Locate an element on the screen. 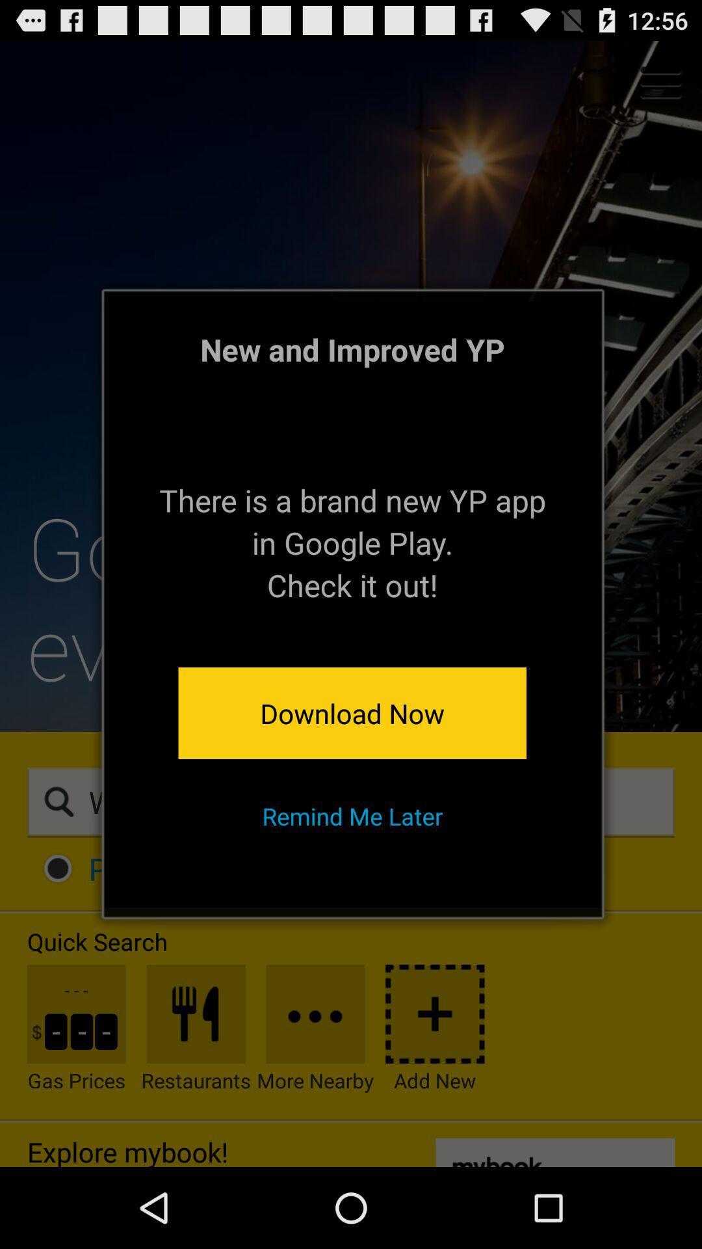 The image size is (702, 1249). item below the download now is located at coordinates (352, 815).